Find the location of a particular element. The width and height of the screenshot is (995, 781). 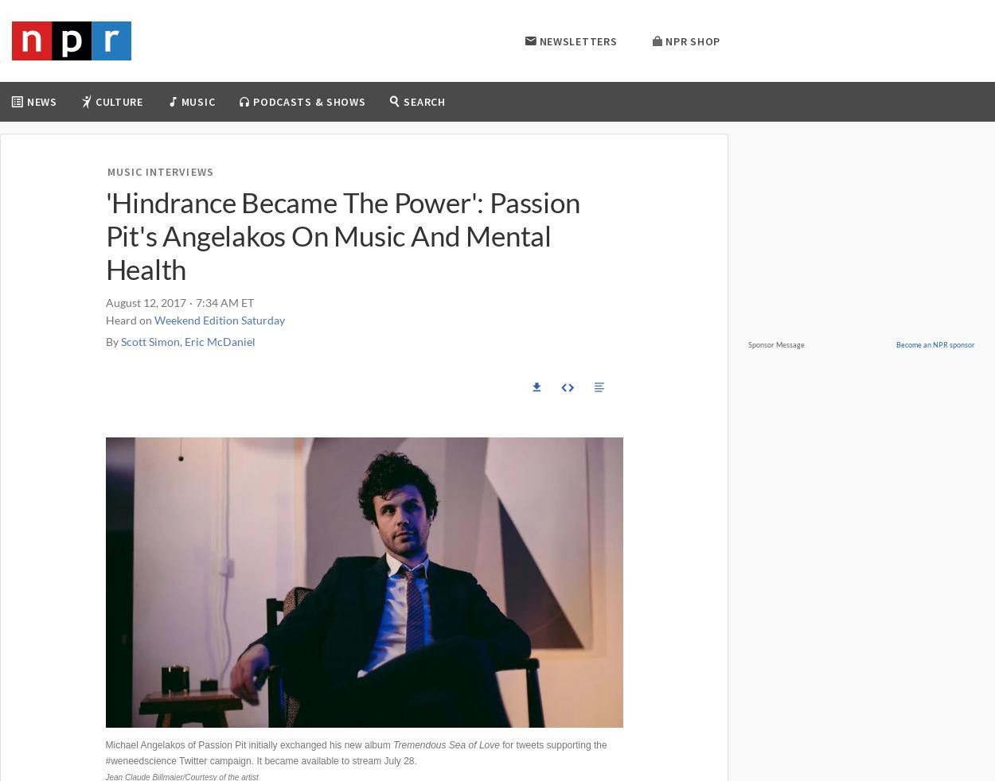

'More Podcasts & Shows' is located at coordinates (446, 336).